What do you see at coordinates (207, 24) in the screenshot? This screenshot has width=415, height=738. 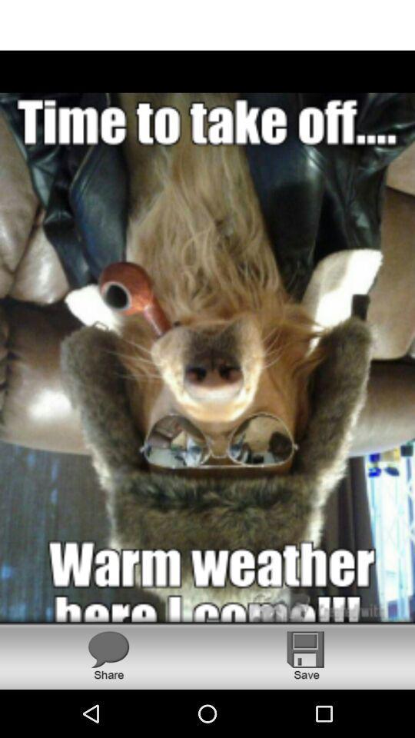 I see `the item at the top` at bounding box center [207, 24].